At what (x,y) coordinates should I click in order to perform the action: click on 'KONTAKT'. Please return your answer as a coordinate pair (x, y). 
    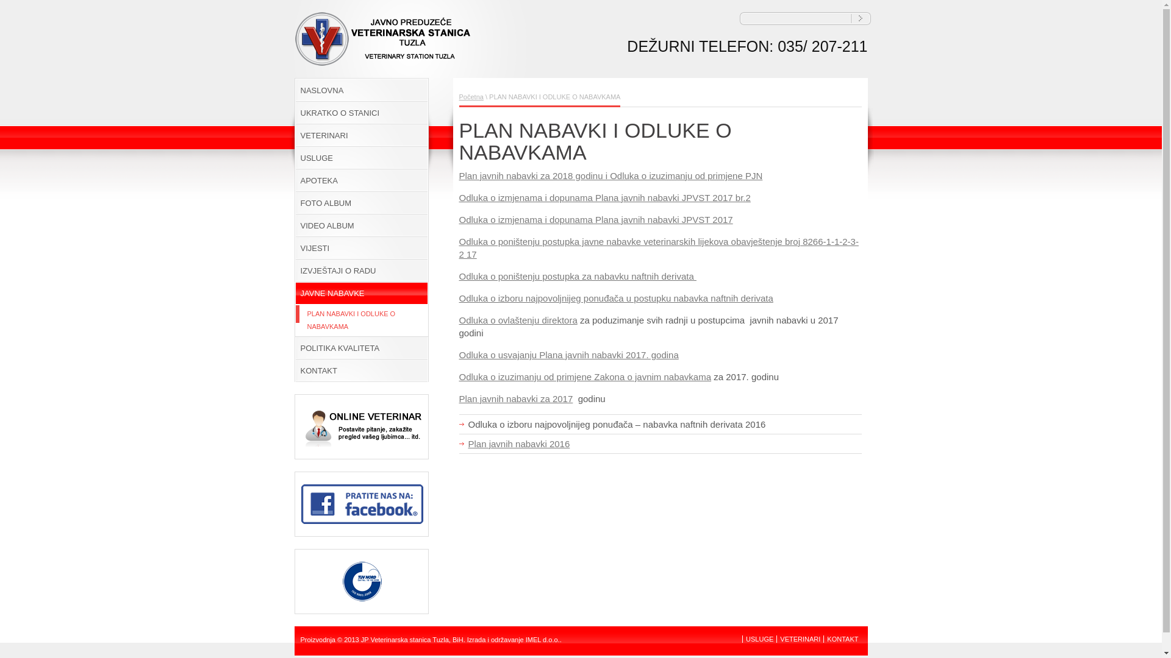
    Looking at the image, I should click on (360, 370).